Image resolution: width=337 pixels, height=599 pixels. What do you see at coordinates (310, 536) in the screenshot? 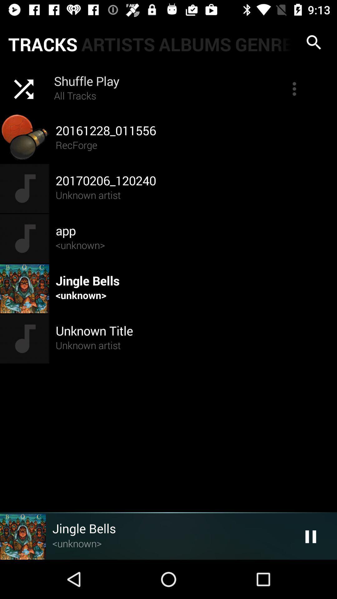
I see `play` at bounding box center [310, 536].